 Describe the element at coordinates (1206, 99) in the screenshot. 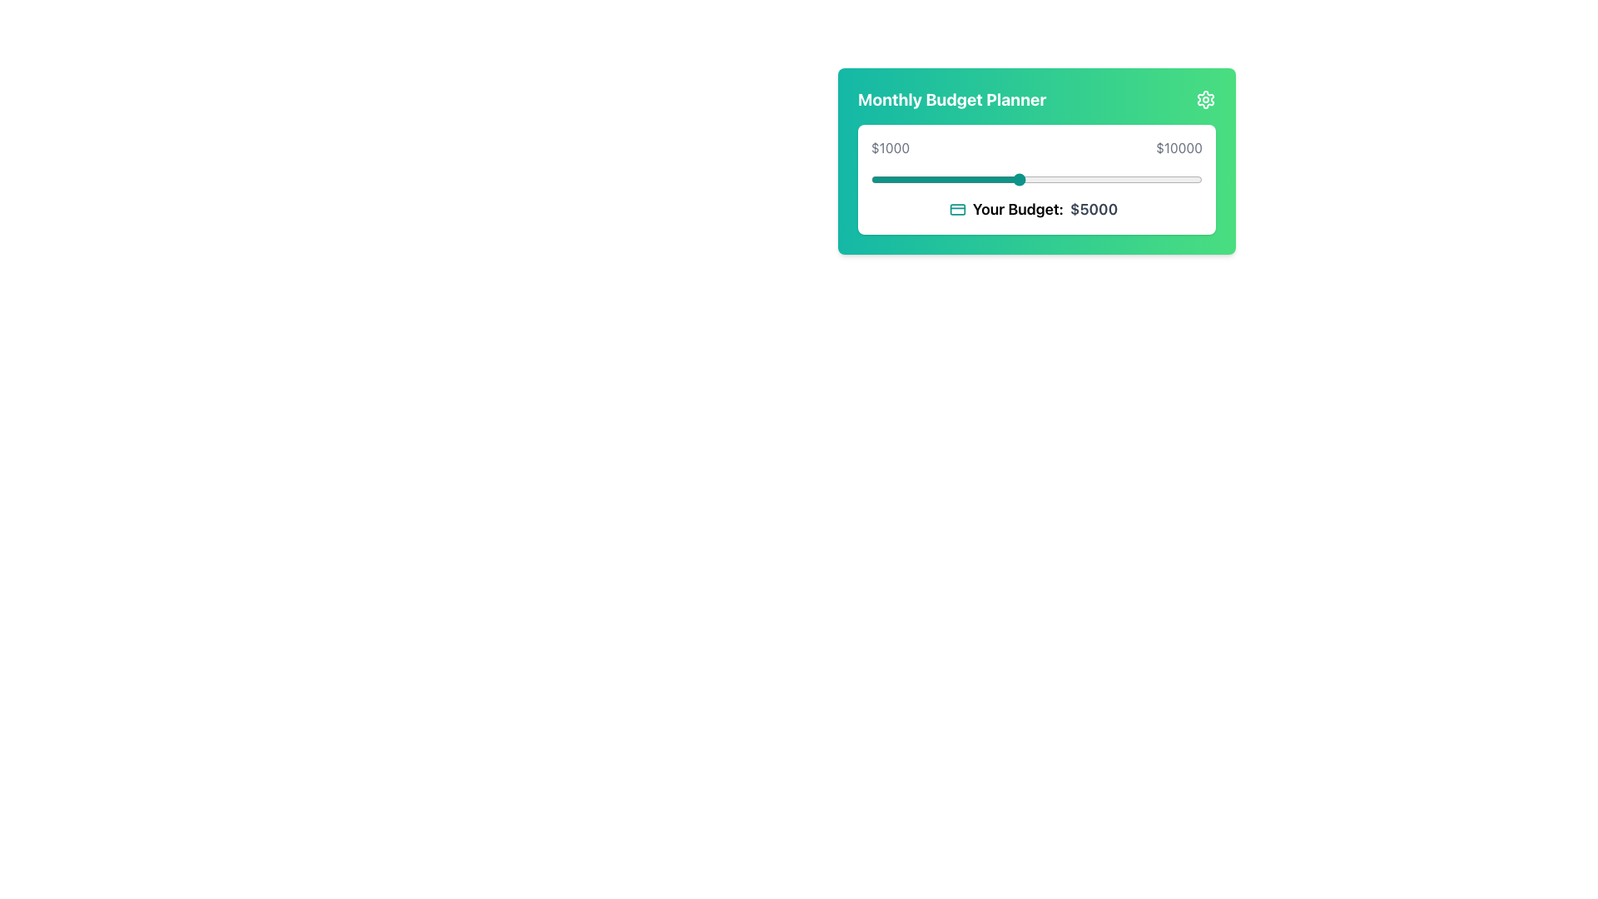

I see `the gear-shaped icon button located` at that location.